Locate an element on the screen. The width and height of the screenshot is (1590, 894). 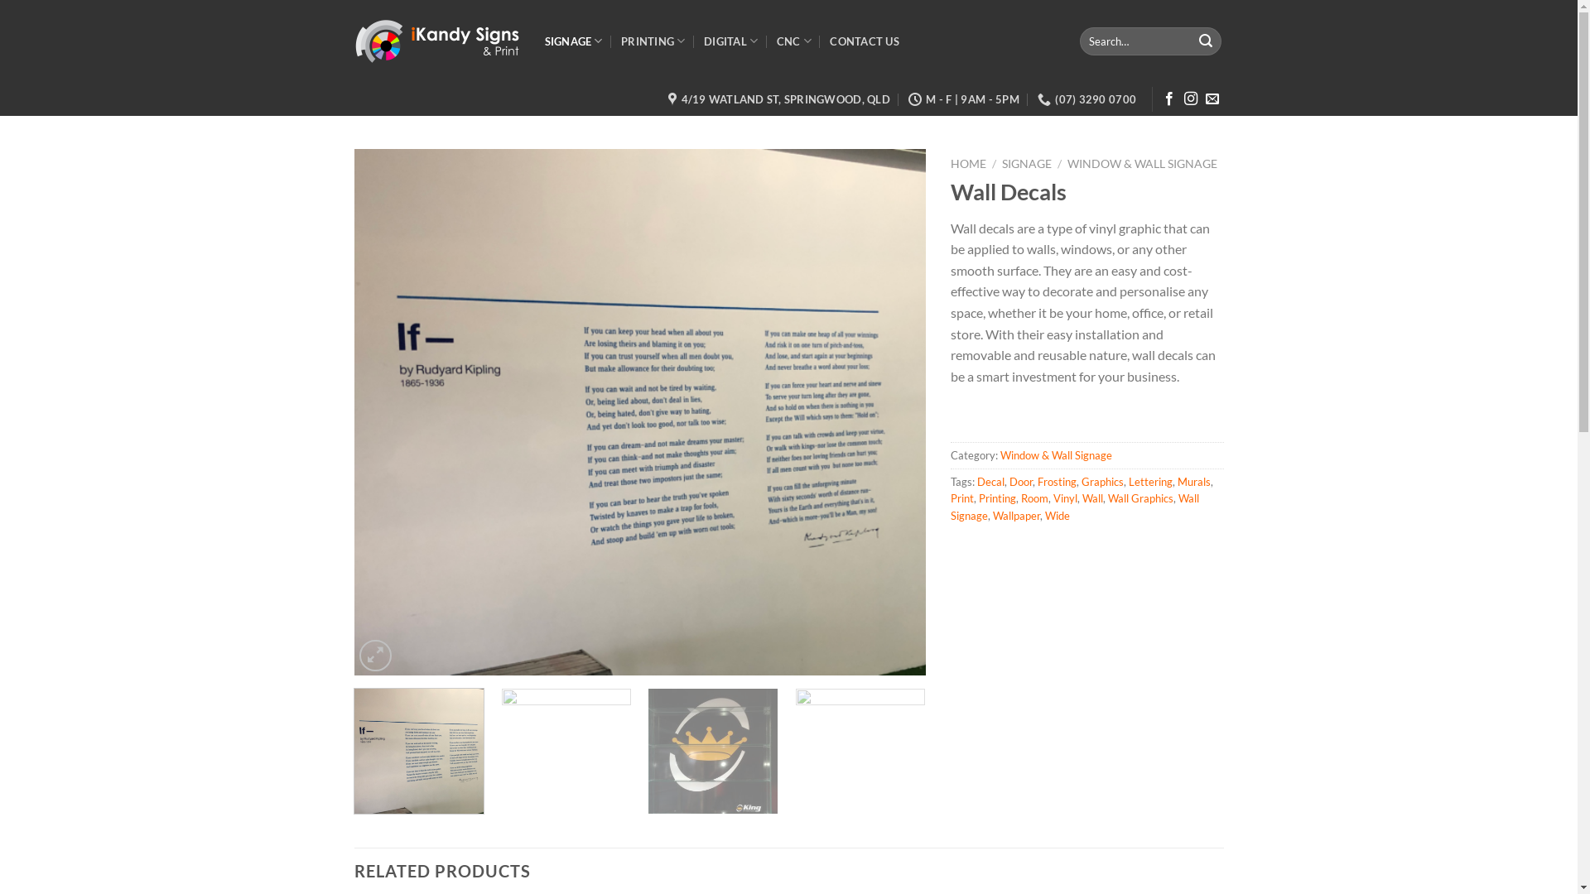
'Vinyl' is located at coordinates (1053, 497).